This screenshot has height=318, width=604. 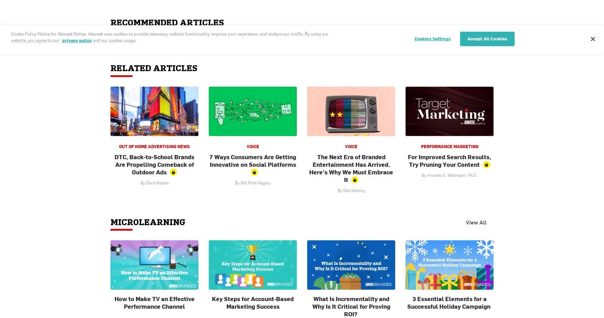 I want to click on 'For Improved Search Results, Try Pruning Your Content', so click(x=449, y=160).